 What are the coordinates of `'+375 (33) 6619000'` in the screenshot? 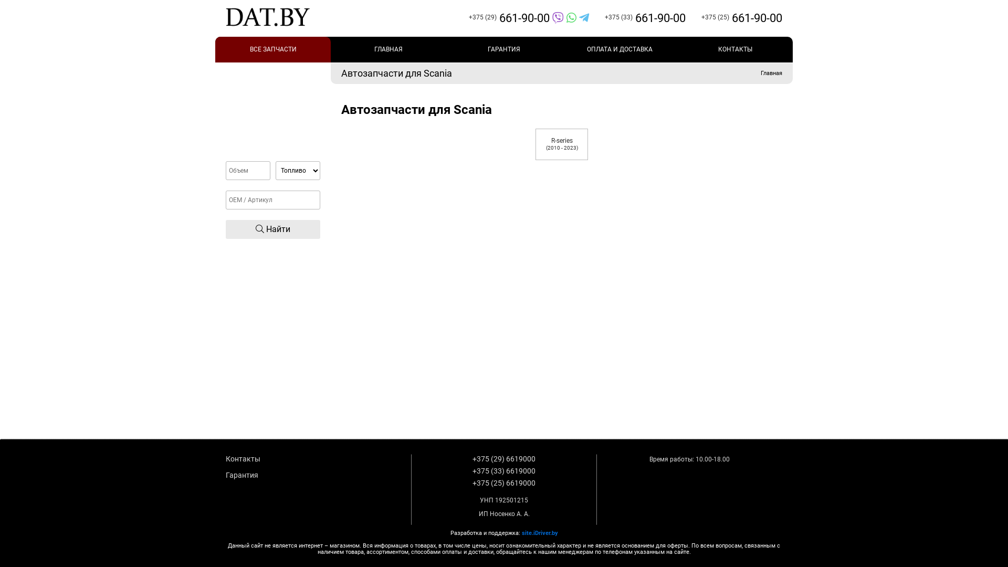 It's located at (504, 470).